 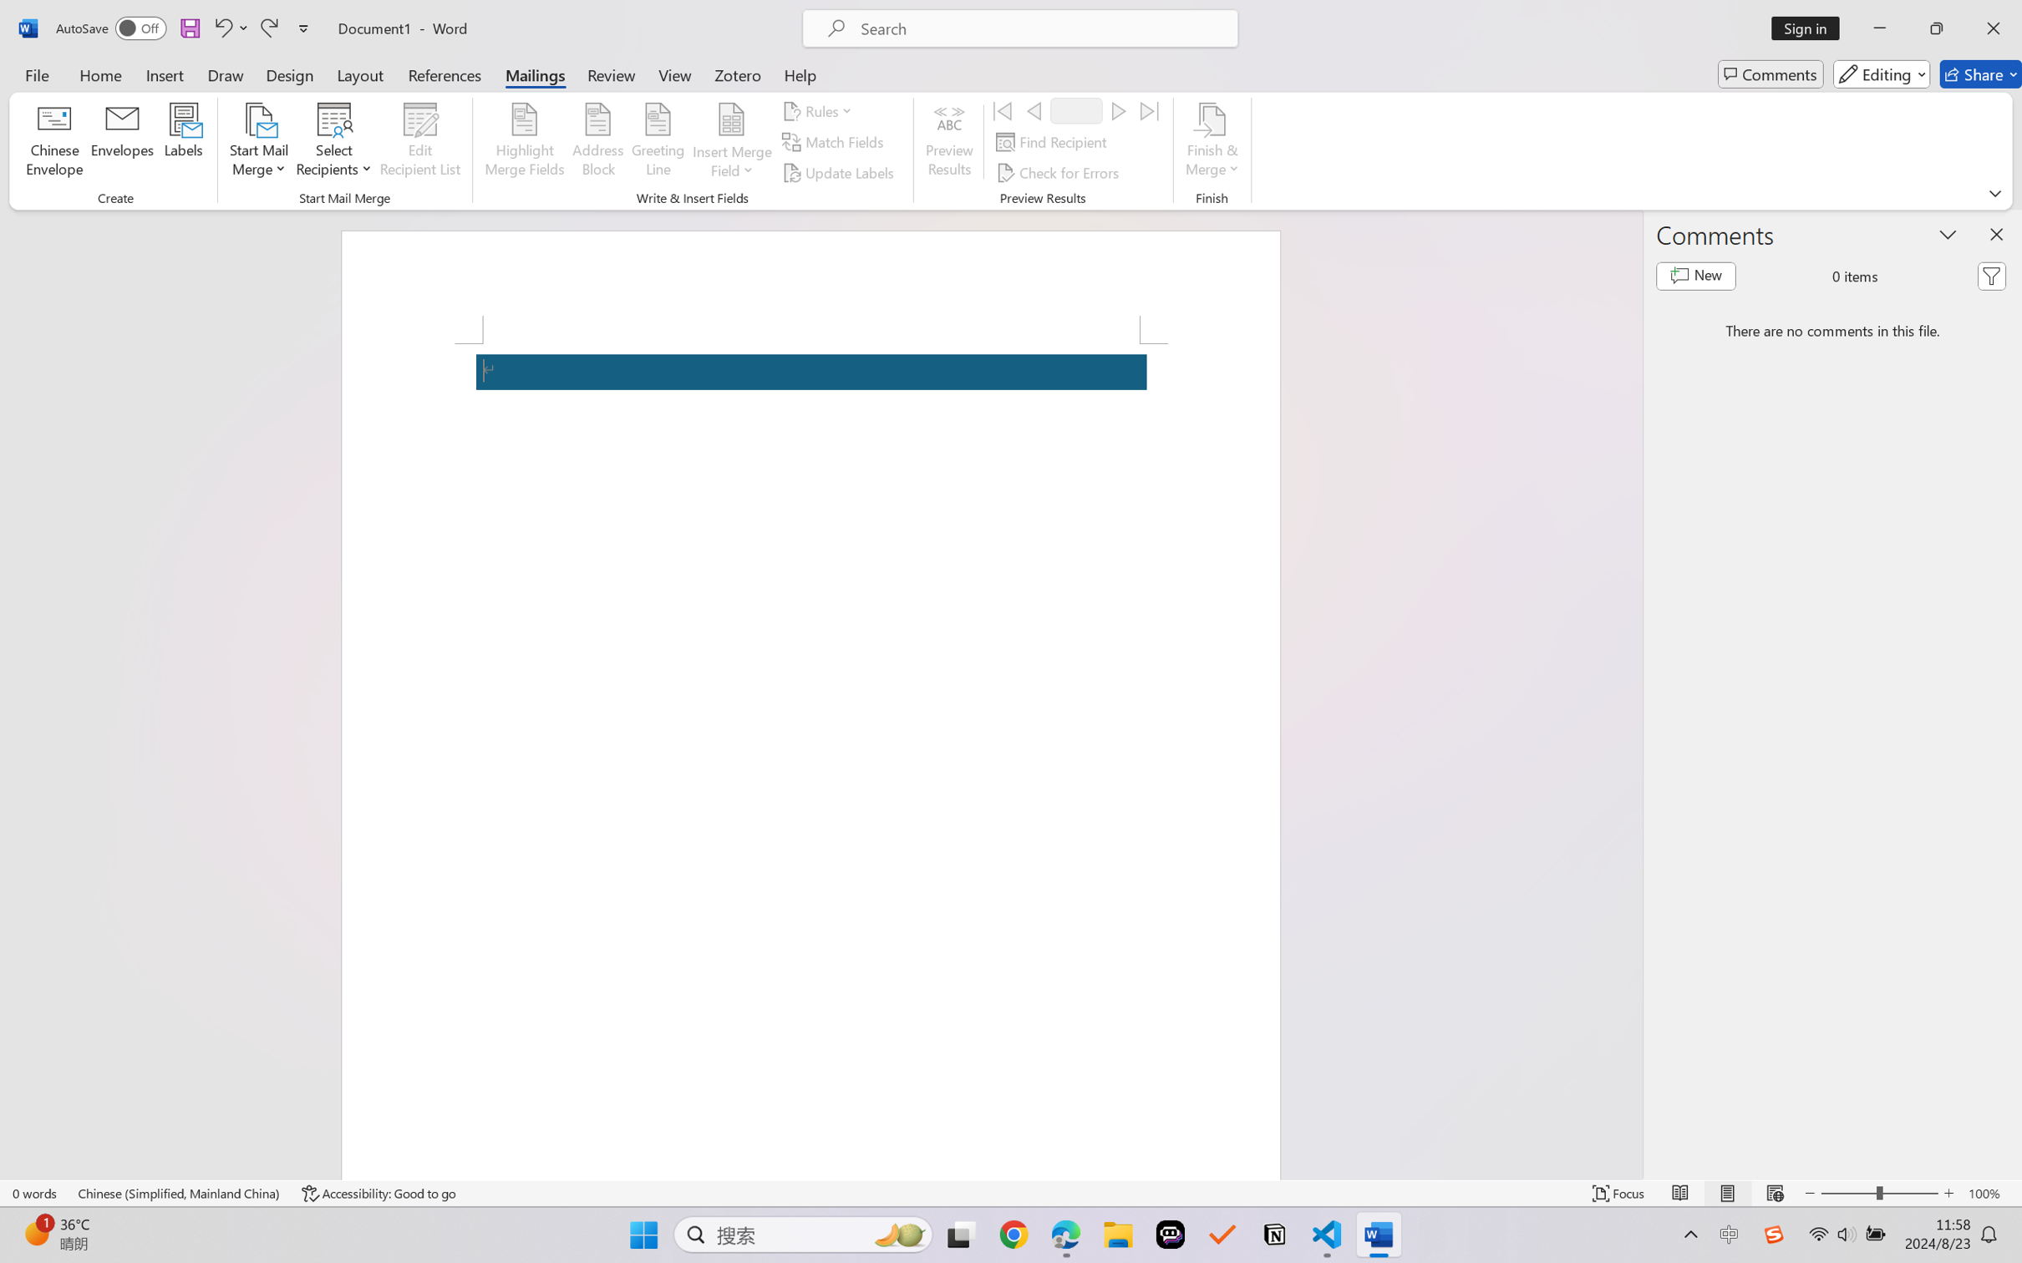 What do you see at coordinates (731, 119) in the screenshot?
I see `'Insert Merge Field'` at bounding box center [731, 119].